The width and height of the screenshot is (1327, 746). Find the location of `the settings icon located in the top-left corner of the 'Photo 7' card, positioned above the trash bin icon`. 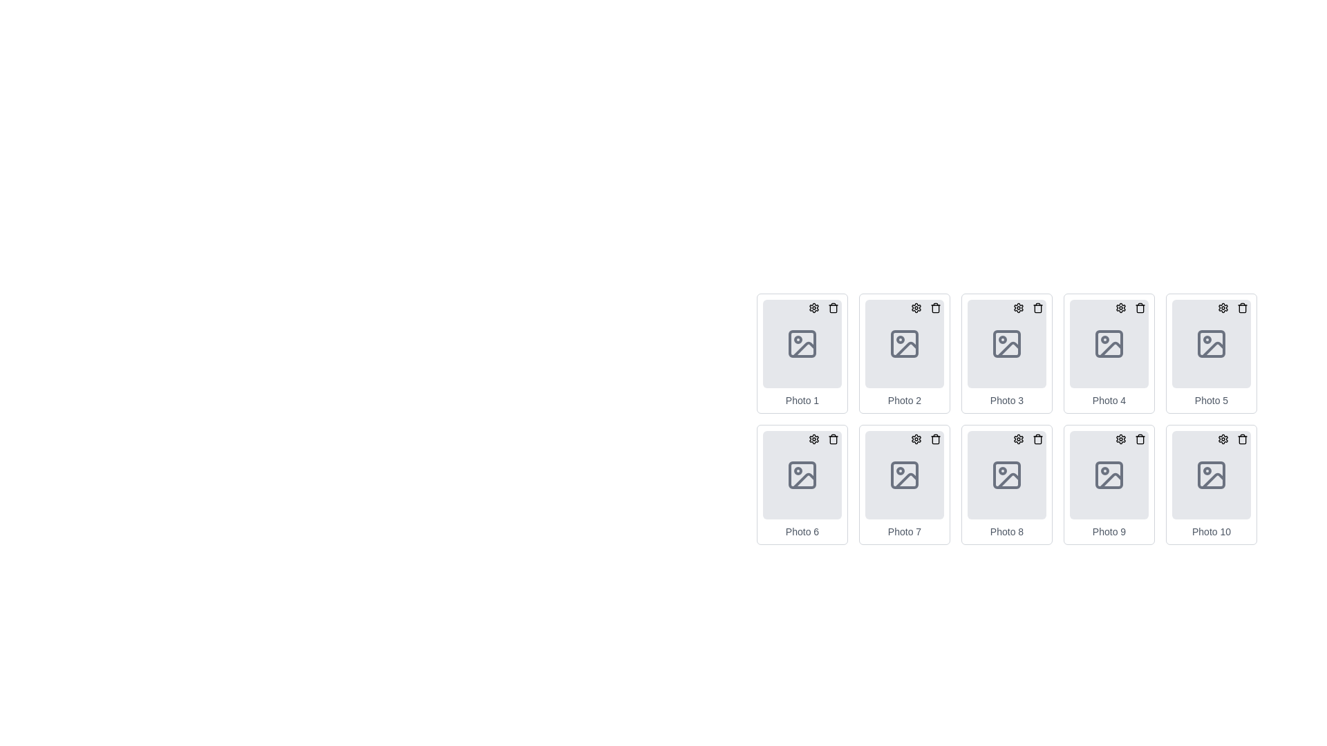

the settings icon located in the top-left corner of the 'Photo 7' card, positioned above the trash bin icon is located at coordinates (916, 439).